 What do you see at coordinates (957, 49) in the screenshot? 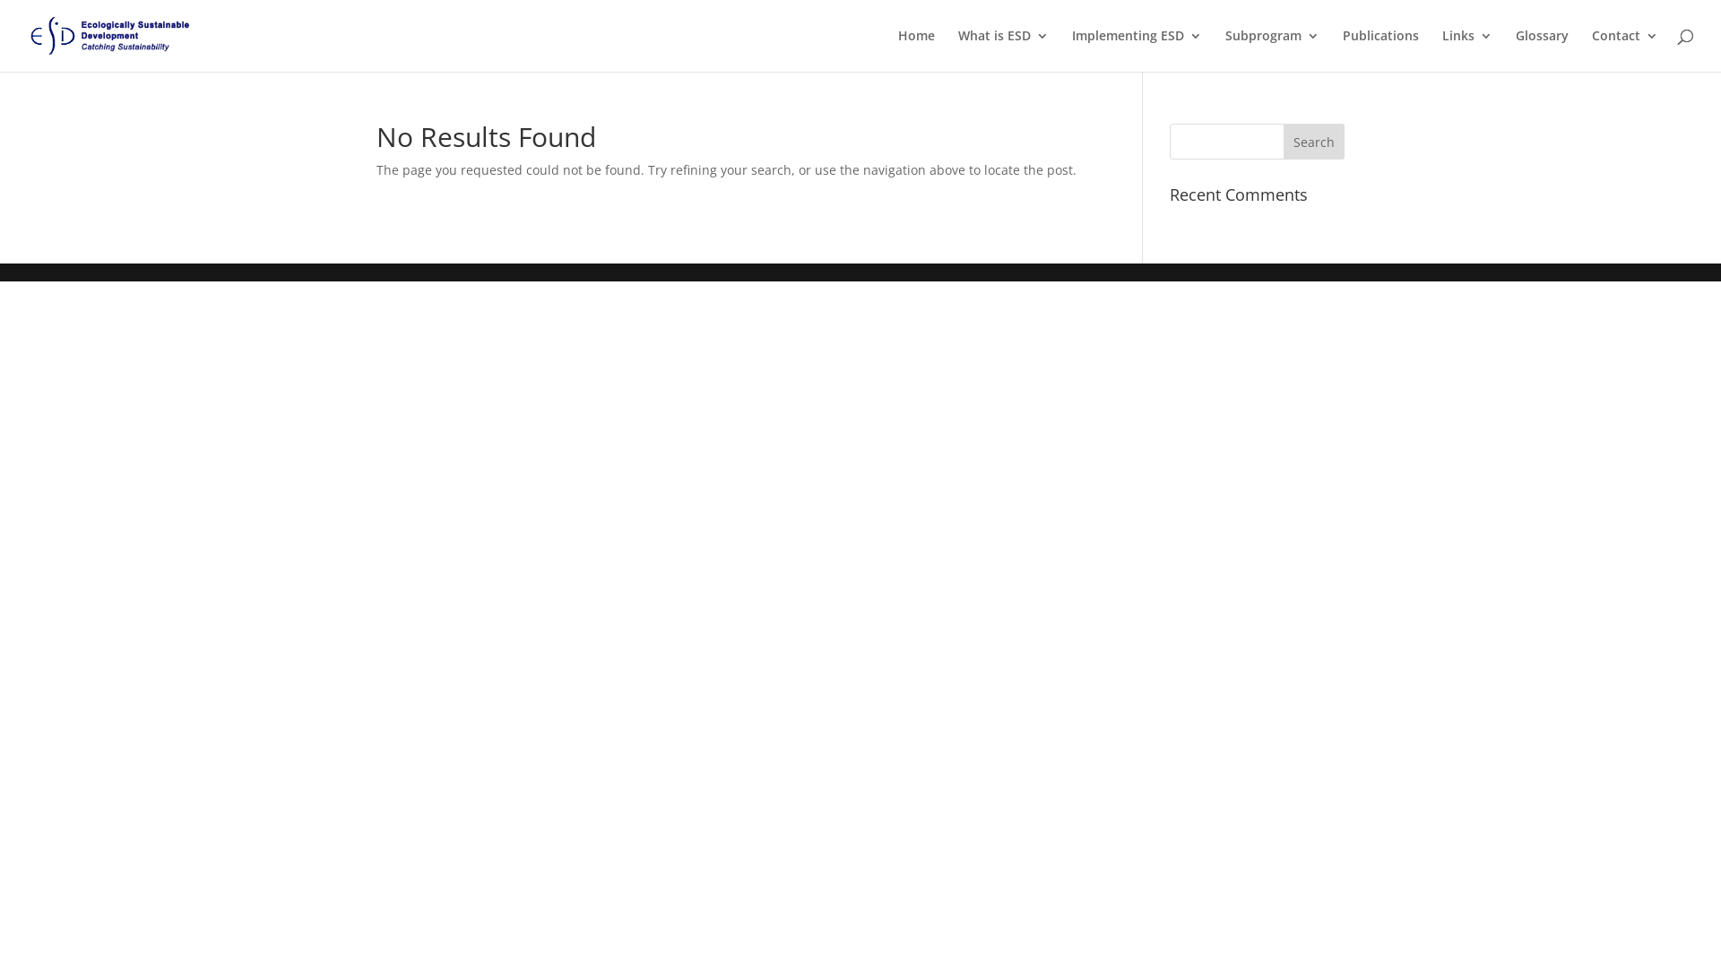
I see `'What is ESD'` at bounding box center [957, 49].